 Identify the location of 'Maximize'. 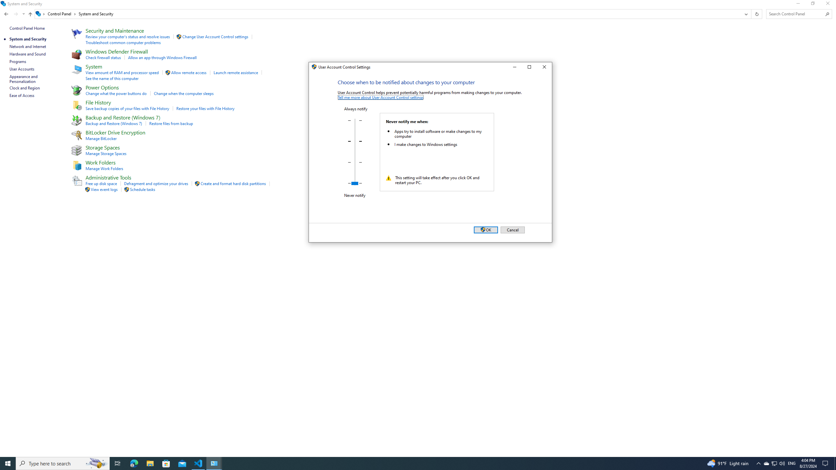
(529, 67).